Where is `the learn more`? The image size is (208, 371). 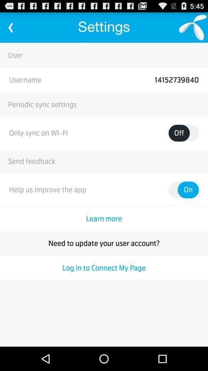
the learn more is located at coordinates (104, 219).